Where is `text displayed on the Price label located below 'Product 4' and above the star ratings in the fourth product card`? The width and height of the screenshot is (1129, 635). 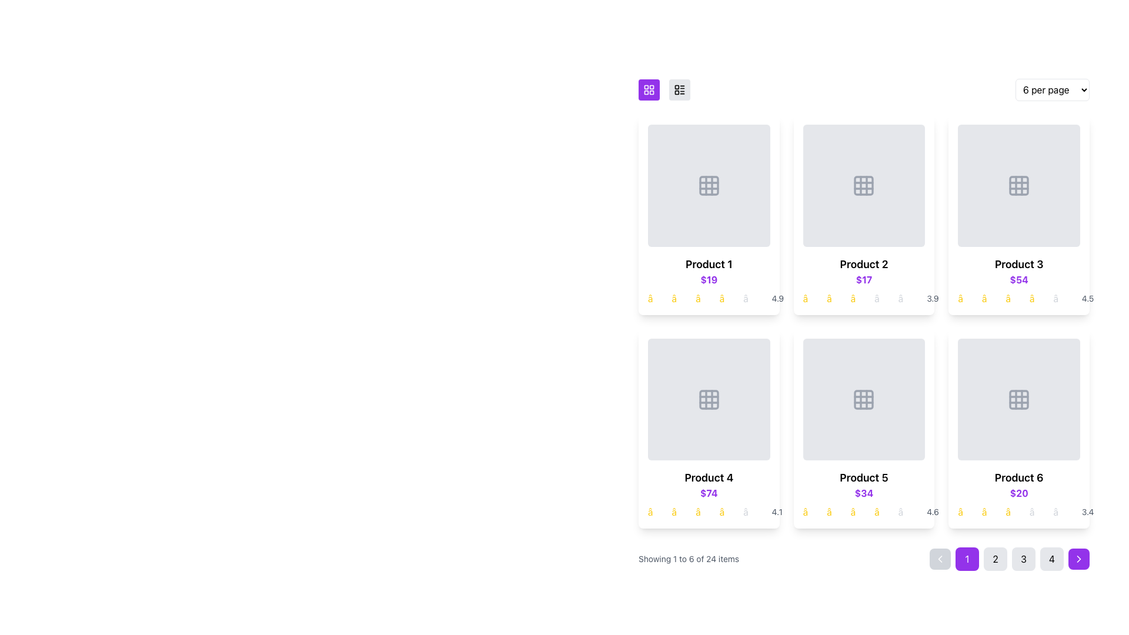 text displayed on the Price label located below 'Product 4' and above the star ratings in the fourth product card is located at coordinates (708, 493).